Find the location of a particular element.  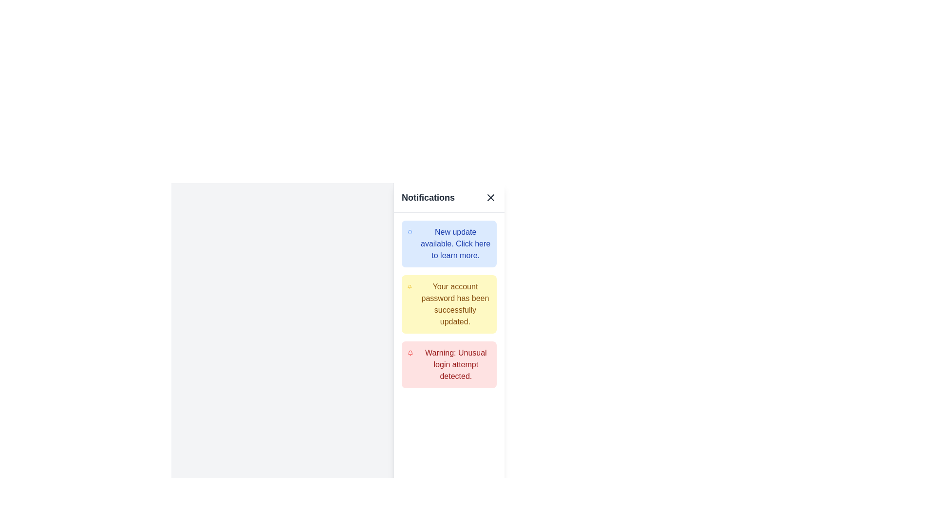

the third notification card in the notification panel is located at coordinates (449, 364).